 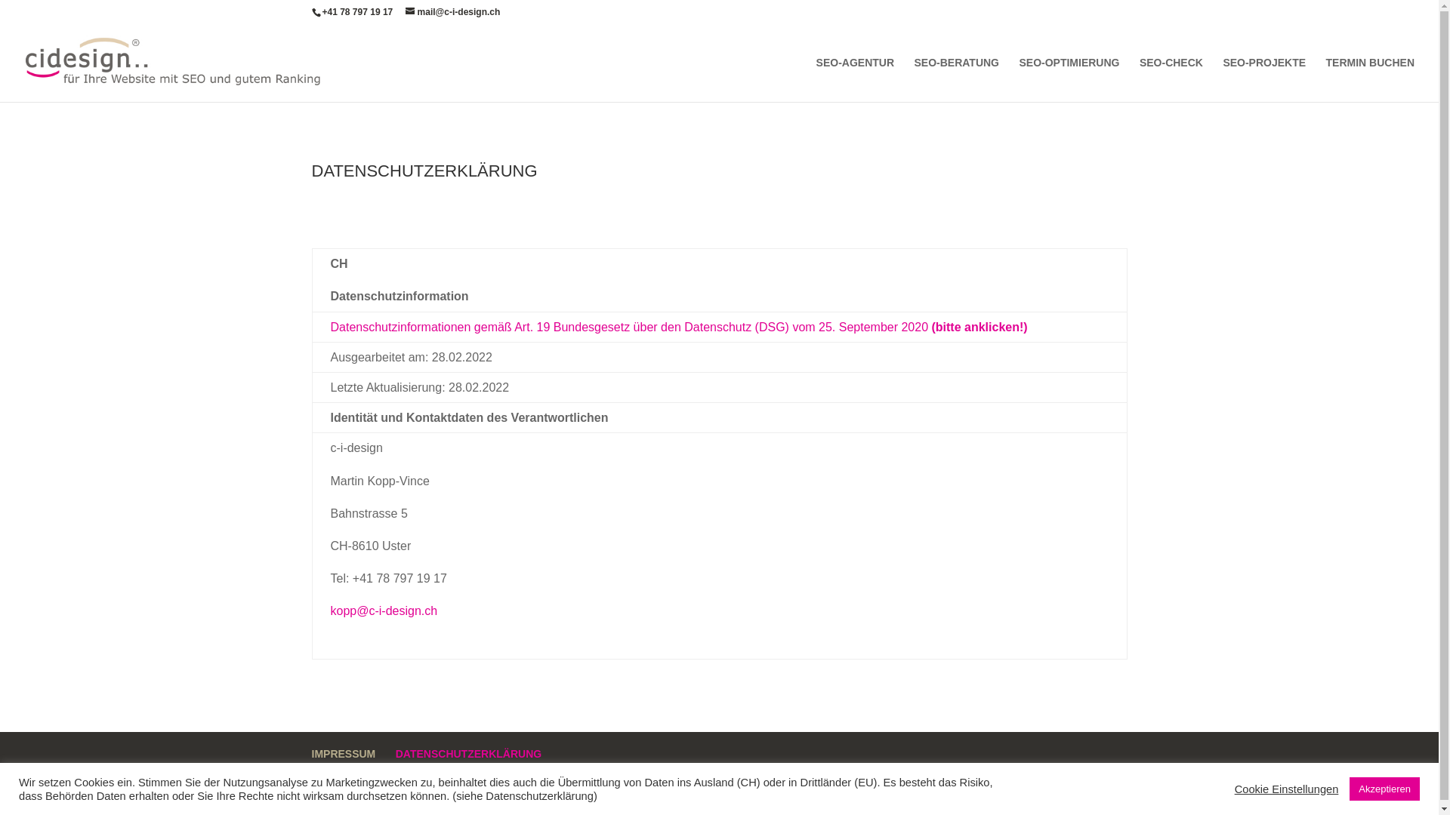 What do you see at coordinates (342, 754) in the screenshot?
I see `'IMPRESSUM'` at bounding box center [342, 754].